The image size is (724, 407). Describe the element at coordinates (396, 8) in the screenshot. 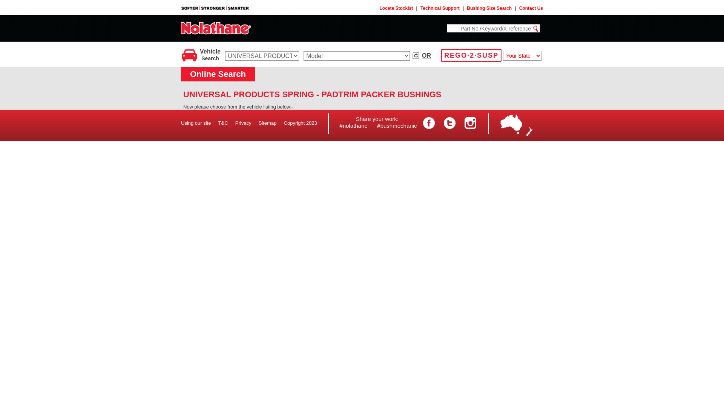

I see `'Locate Stockist'` at that location.